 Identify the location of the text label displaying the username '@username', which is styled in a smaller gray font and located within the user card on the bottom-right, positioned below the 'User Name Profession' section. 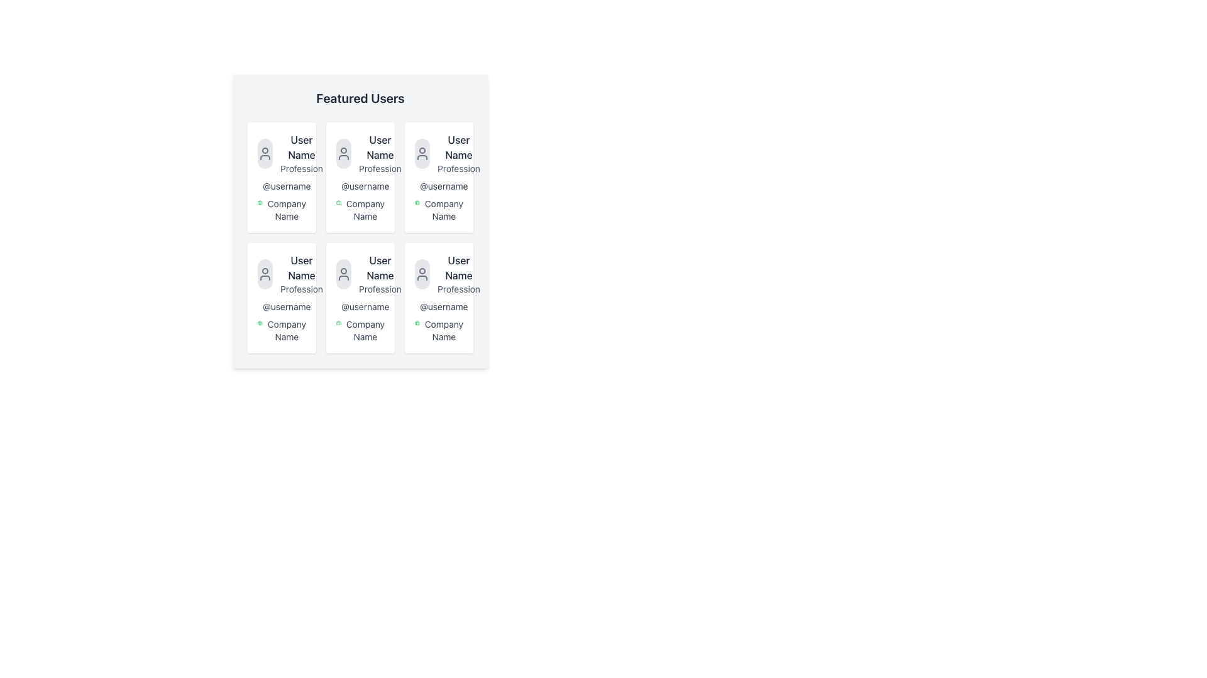
(439, 307).